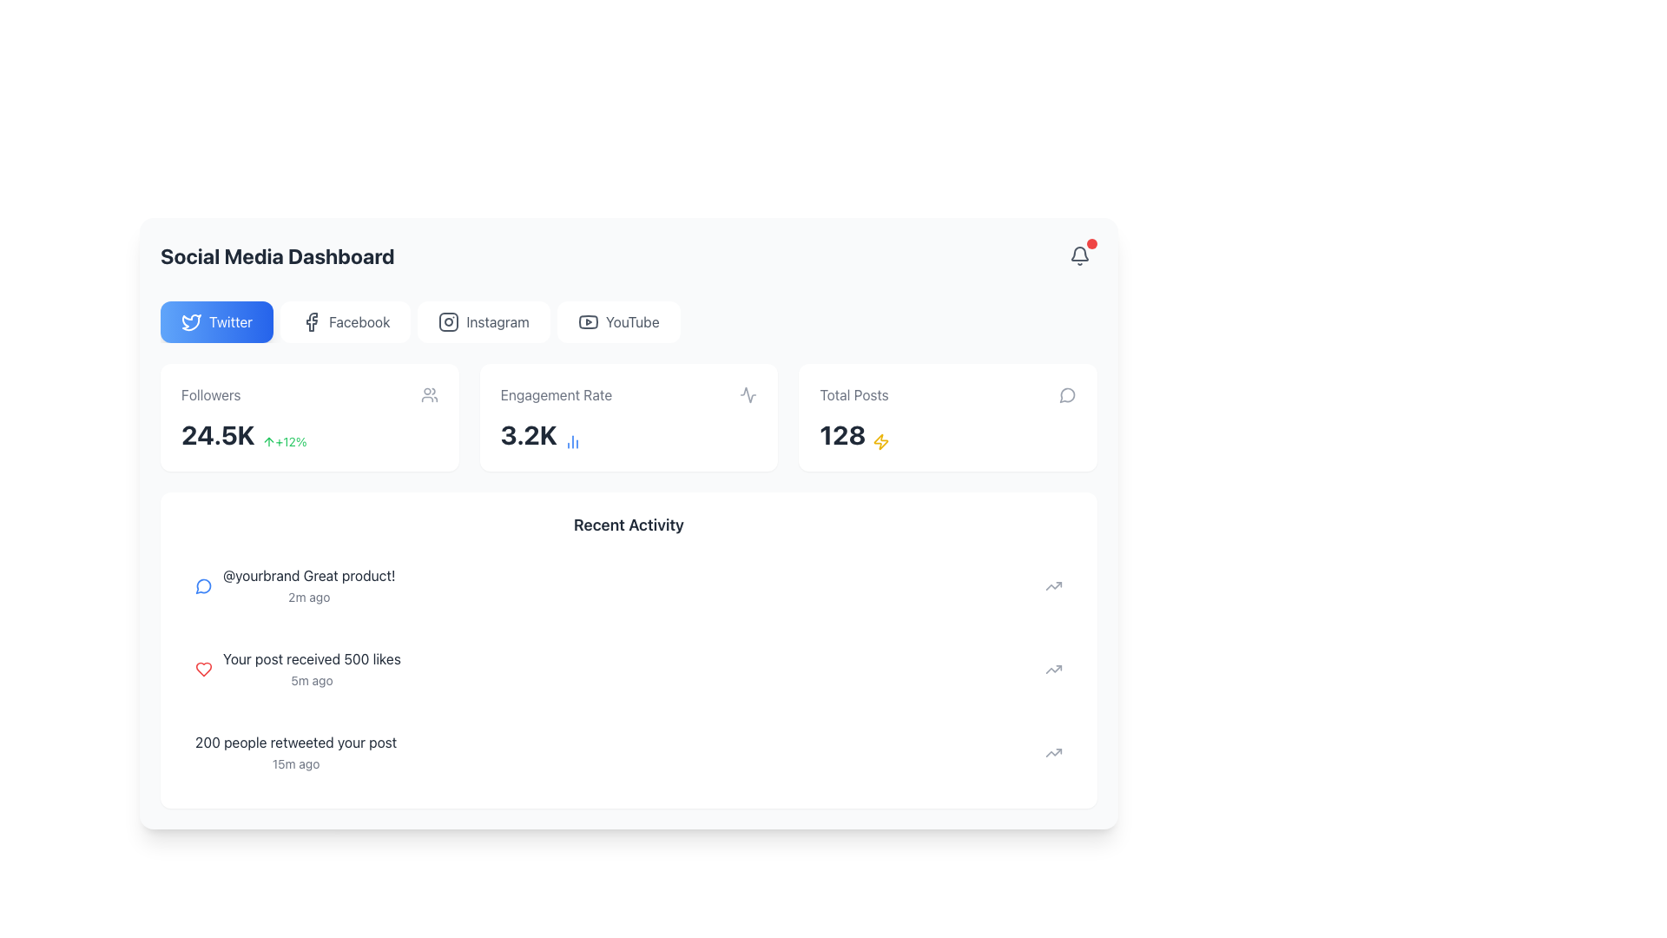 The image size is (1667, 938). Describe the element at coordinates (217, 434) in the screenshot. I see `the Text Display element that shows the numeric value '24.5K', which is styled in a large, bold, dark grey font against a light background` at that location.